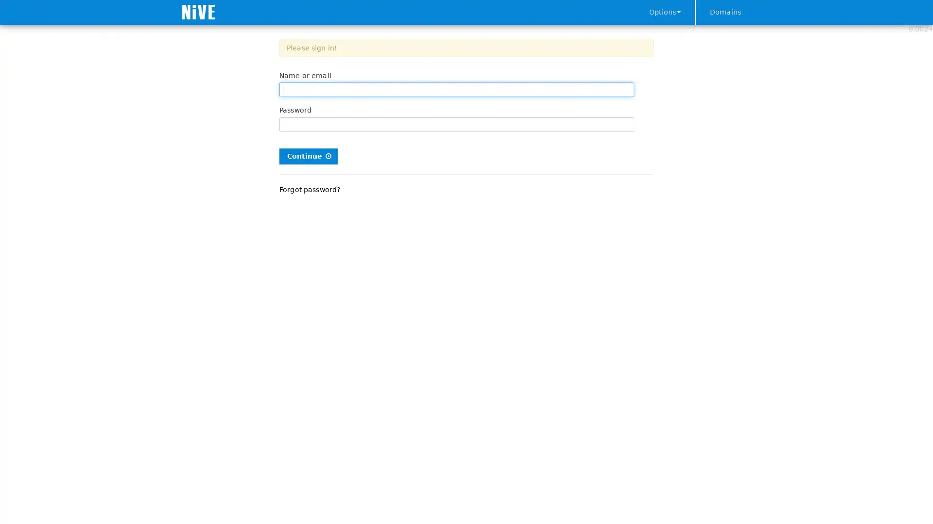 The width and height of the screenshot is (933, 524). I want to click on Continue, so click(308, 155).